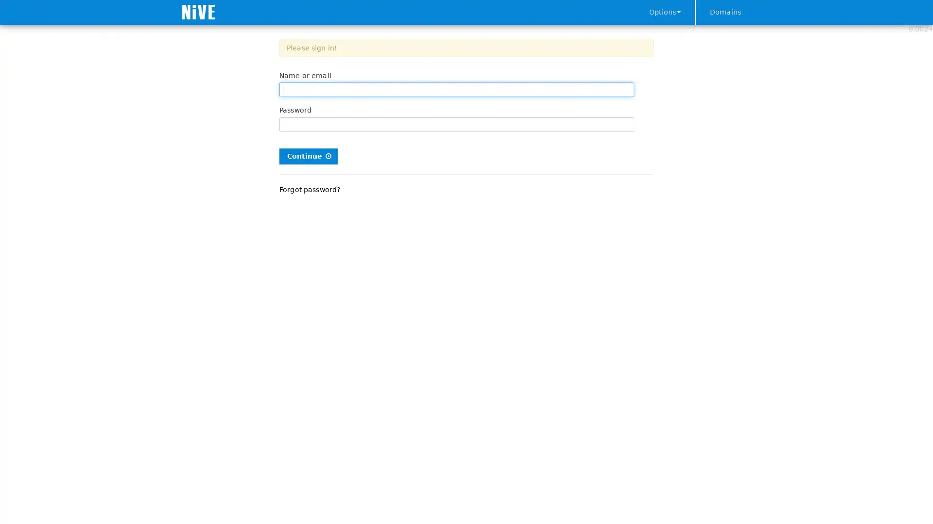 The width and height of the screenshot is (933, 524). I want to click on Continue, so click(308, 155).